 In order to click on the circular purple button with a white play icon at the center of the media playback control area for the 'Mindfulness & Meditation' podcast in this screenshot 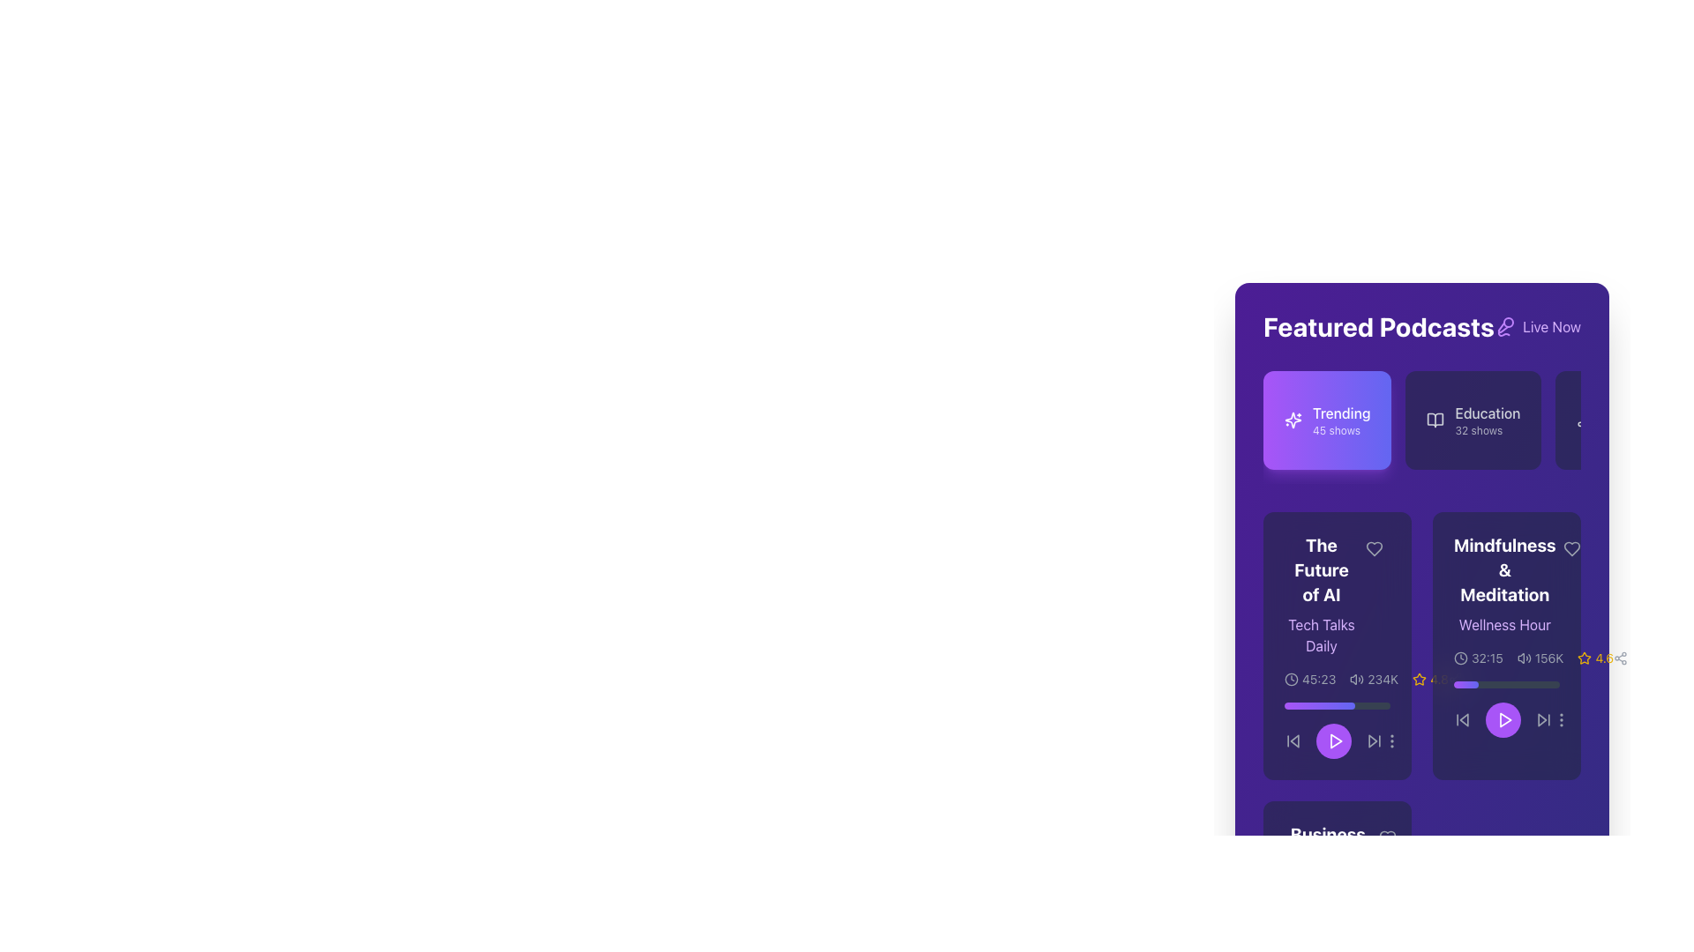, I will do `click(1503, 720)`.